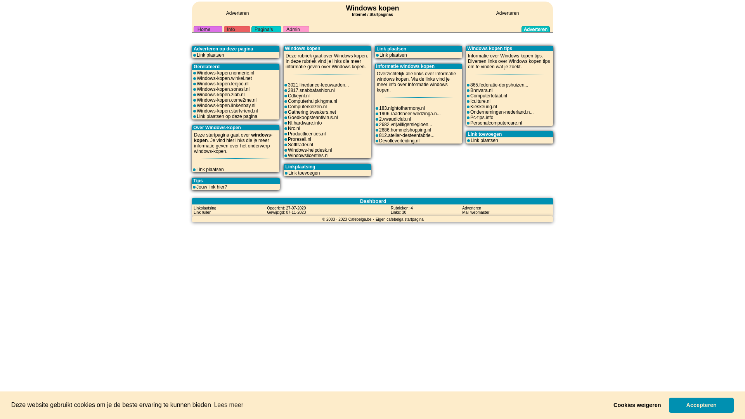 The image size is (745, 419). I want to click on 'Gathering.tweakers.net', so click(312, 112).